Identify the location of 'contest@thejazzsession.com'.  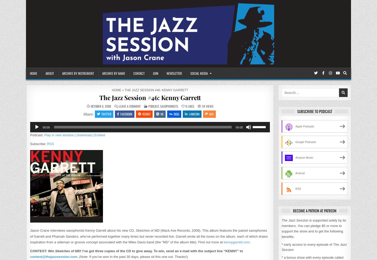
(53, 256).